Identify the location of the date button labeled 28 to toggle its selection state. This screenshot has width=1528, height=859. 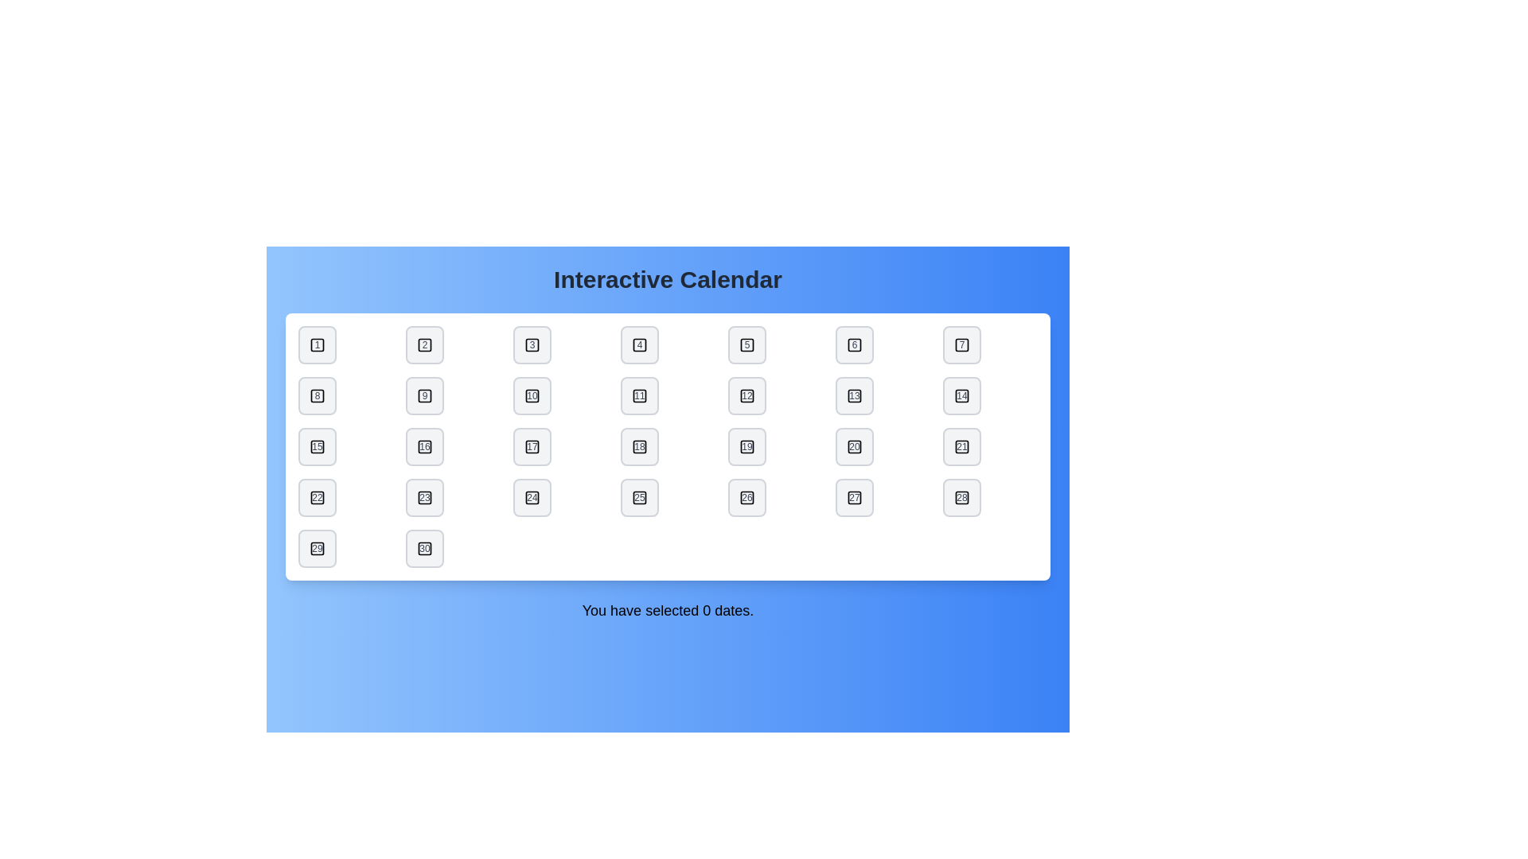
(961, 496).